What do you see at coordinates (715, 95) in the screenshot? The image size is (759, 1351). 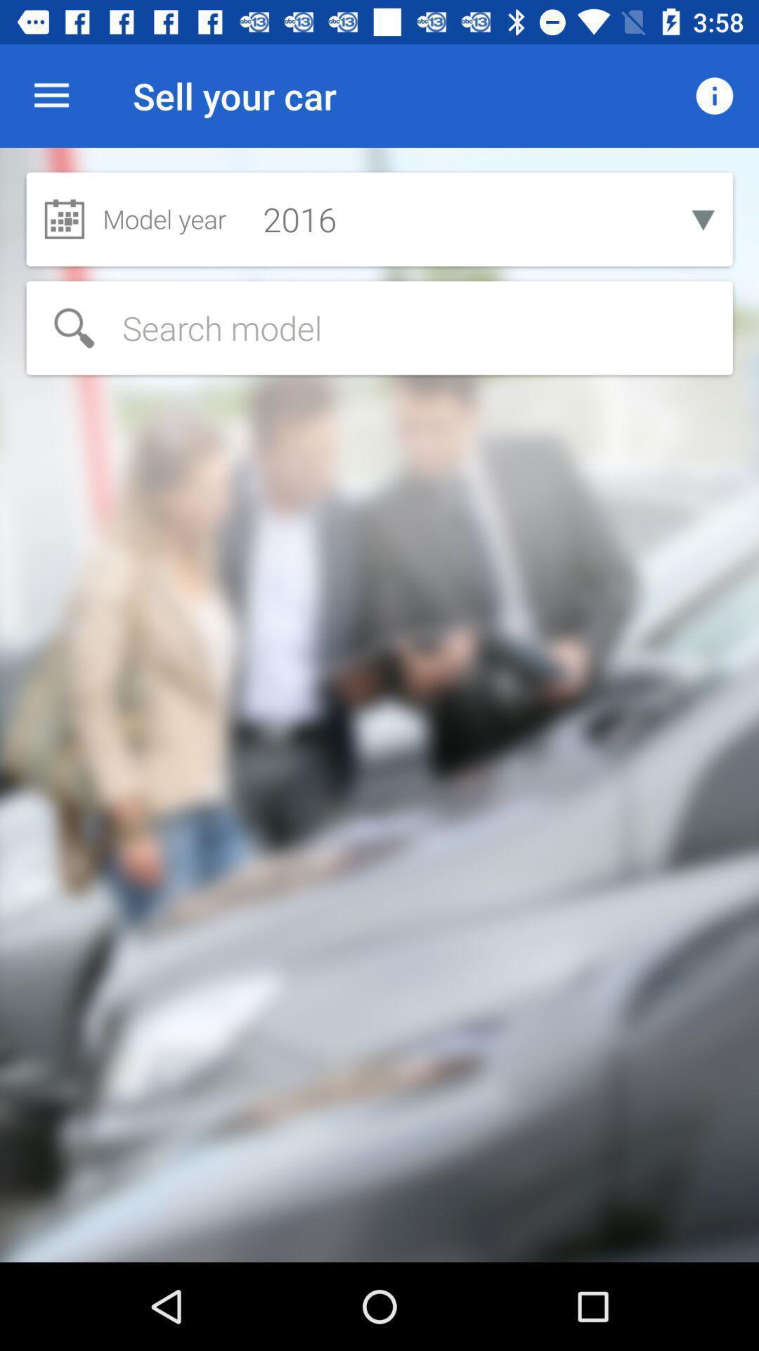 I see `the item to the right of the sell your car item` at bounding box center [715, 95].